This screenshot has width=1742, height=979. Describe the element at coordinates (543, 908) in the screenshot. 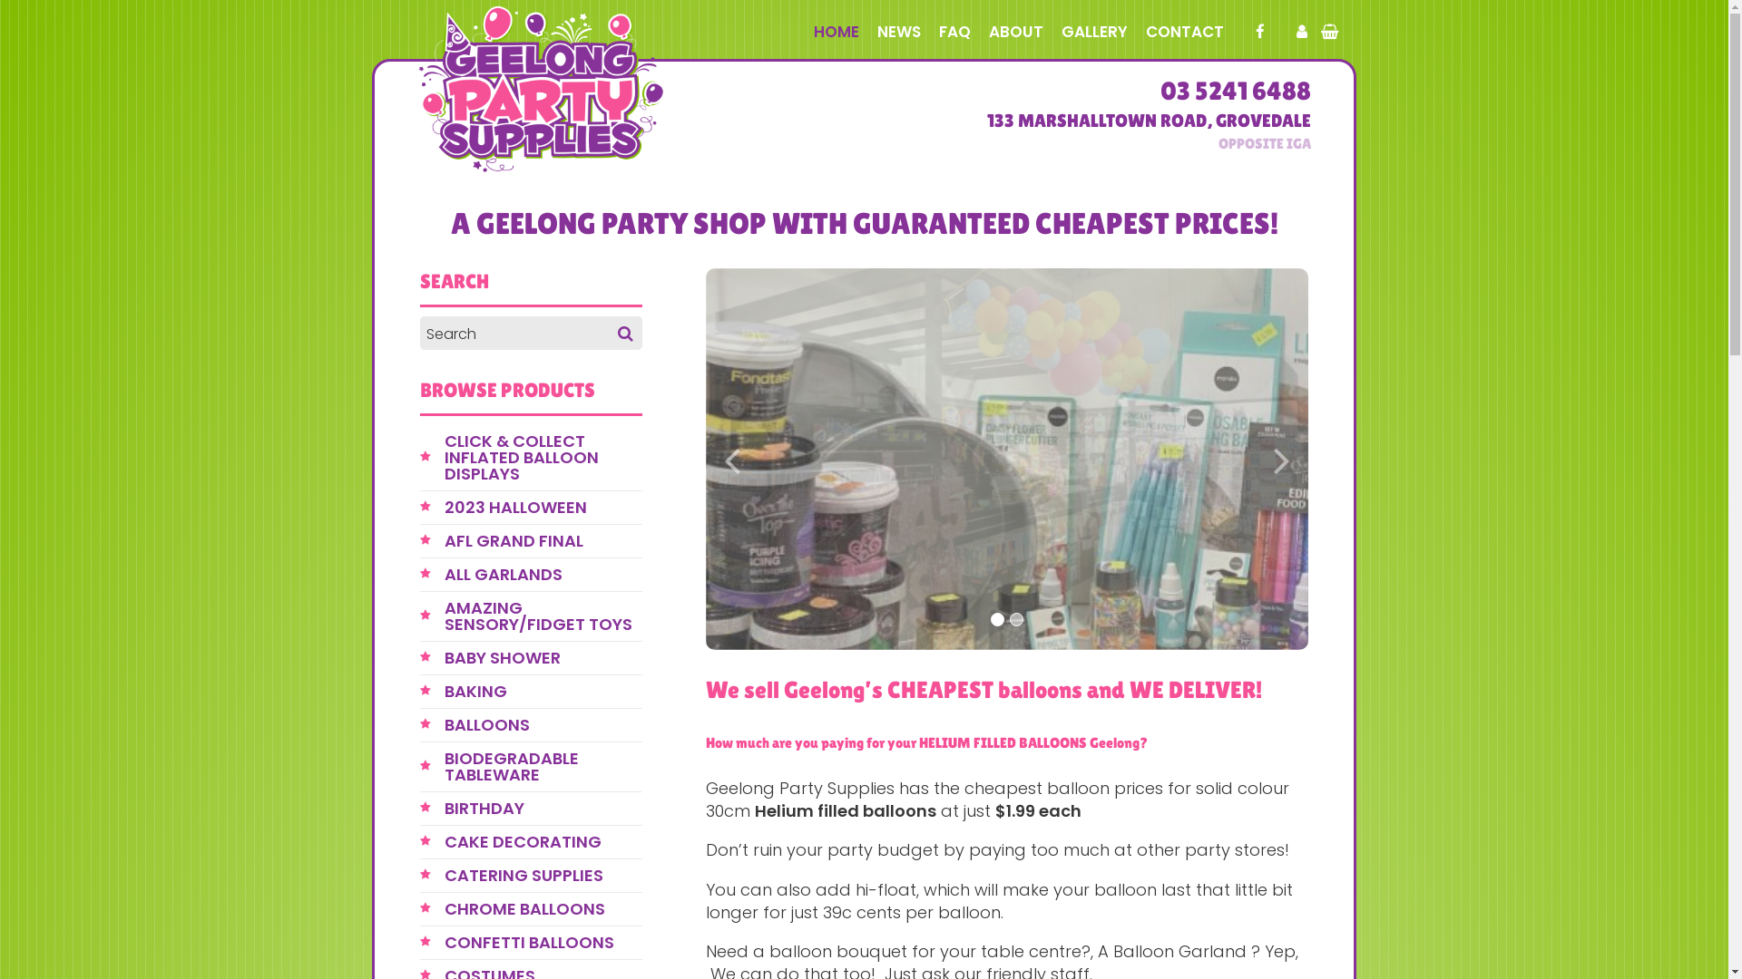

I see `'CHROME BALLOONS'` at that location.